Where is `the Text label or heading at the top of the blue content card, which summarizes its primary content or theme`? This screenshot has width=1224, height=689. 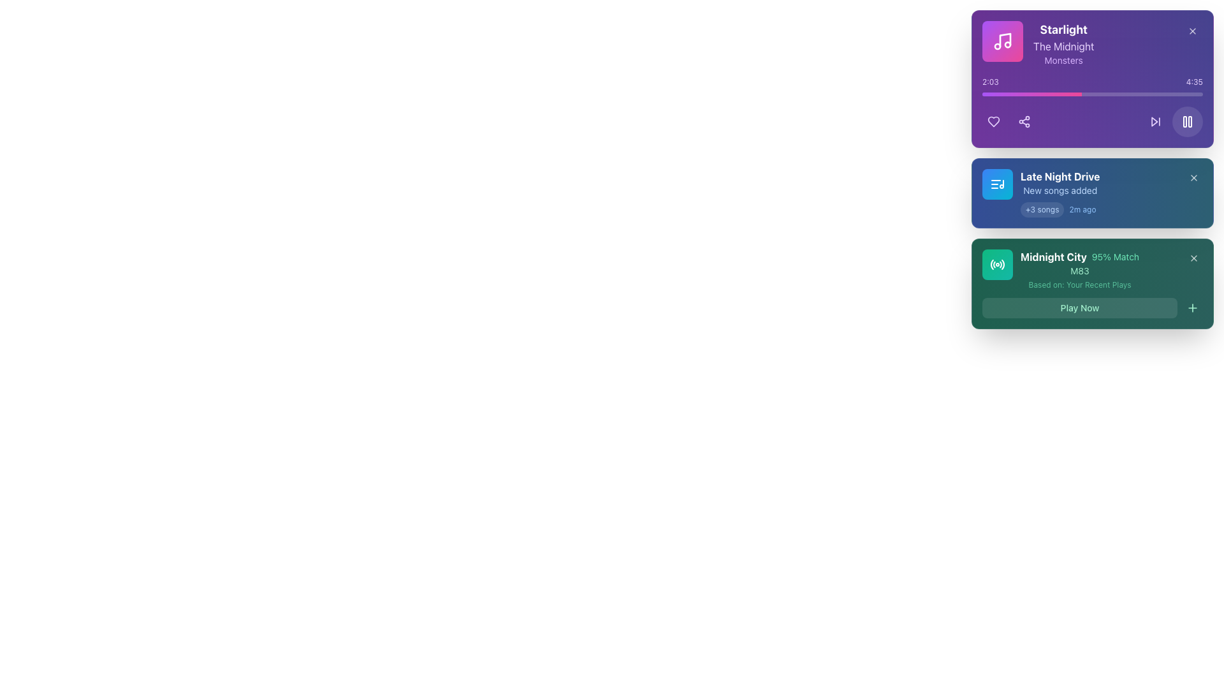 the Text label or heading at the top of the blue content card, which summarizes its primary content or theme is located at coordinates (1060, 177).